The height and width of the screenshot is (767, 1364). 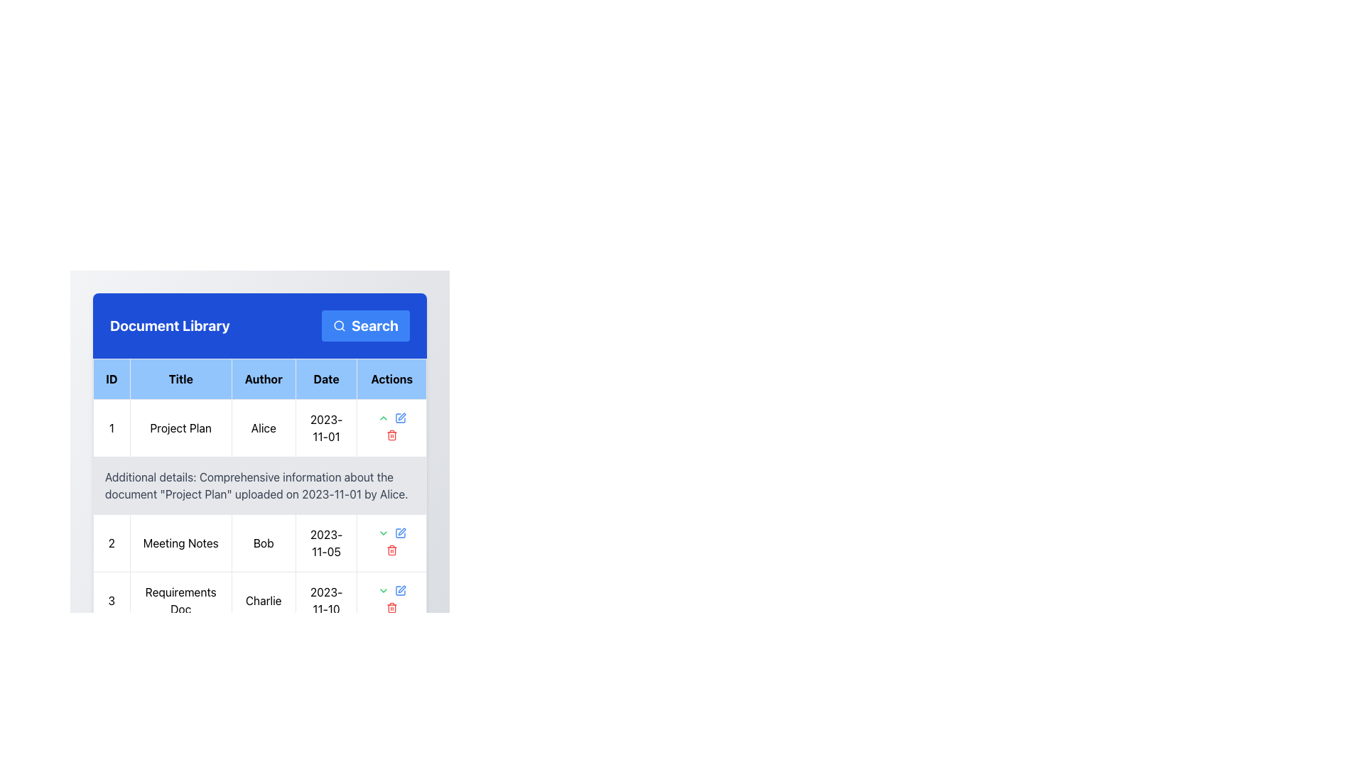 What do you see at coordinates (391, 435) in the screenshot?
I see `the delete icon located in the 'Actions' column of the first row of the data table` at bounding box center [391, 435].